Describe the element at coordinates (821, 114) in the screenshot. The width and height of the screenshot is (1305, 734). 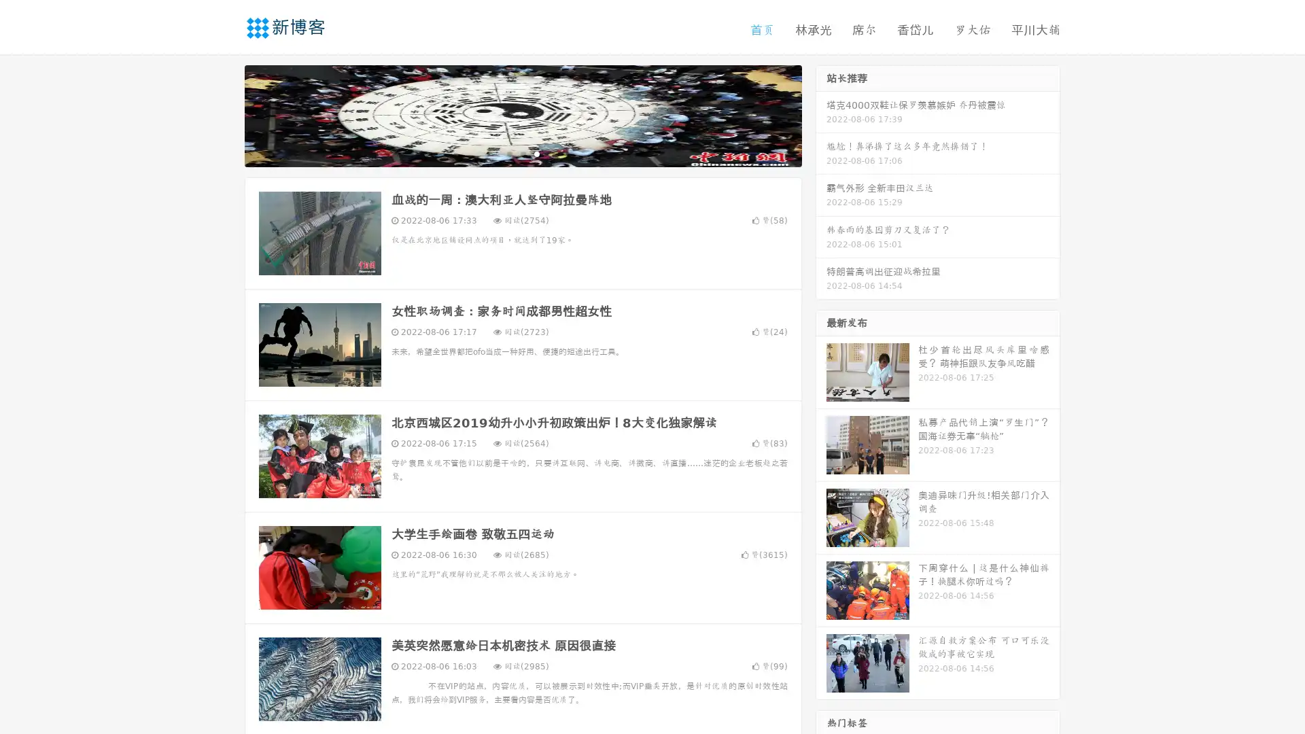
I see `Next slide` at that location.